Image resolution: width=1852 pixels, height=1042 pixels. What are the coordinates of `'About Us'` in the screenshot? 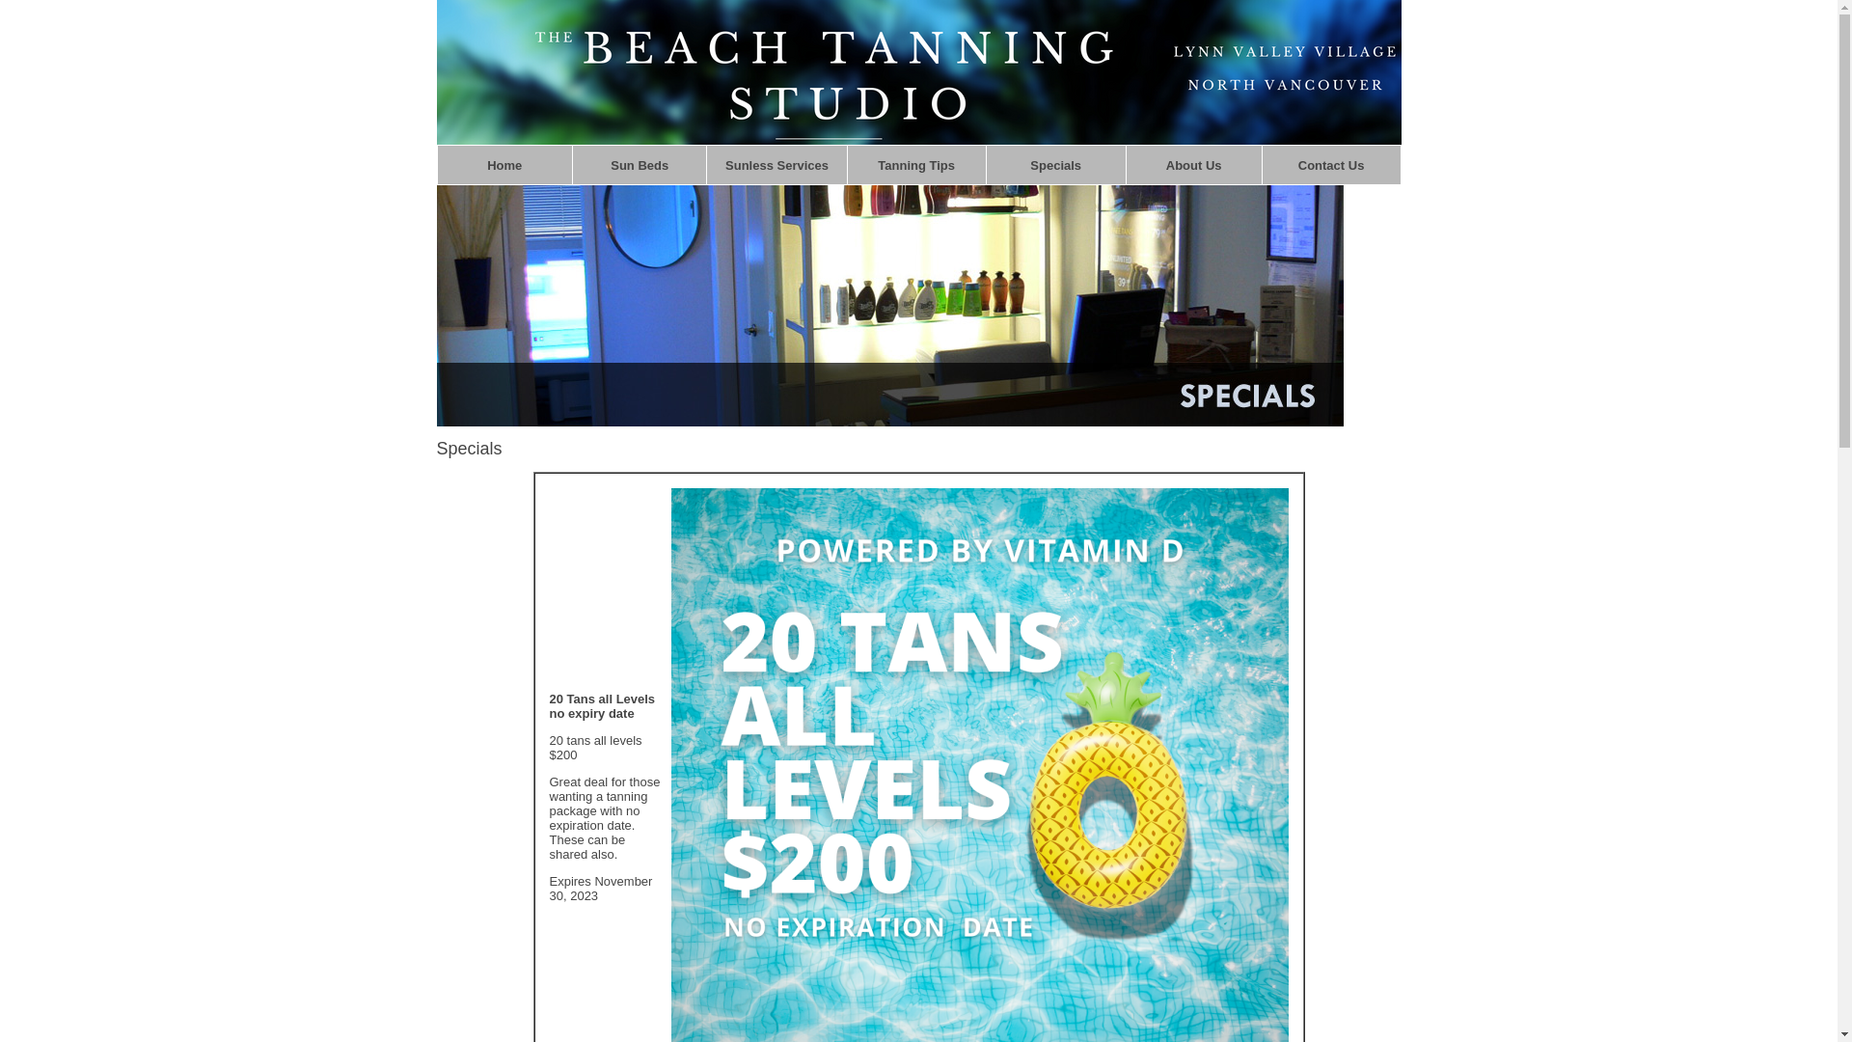 It's located at (1193, 164).